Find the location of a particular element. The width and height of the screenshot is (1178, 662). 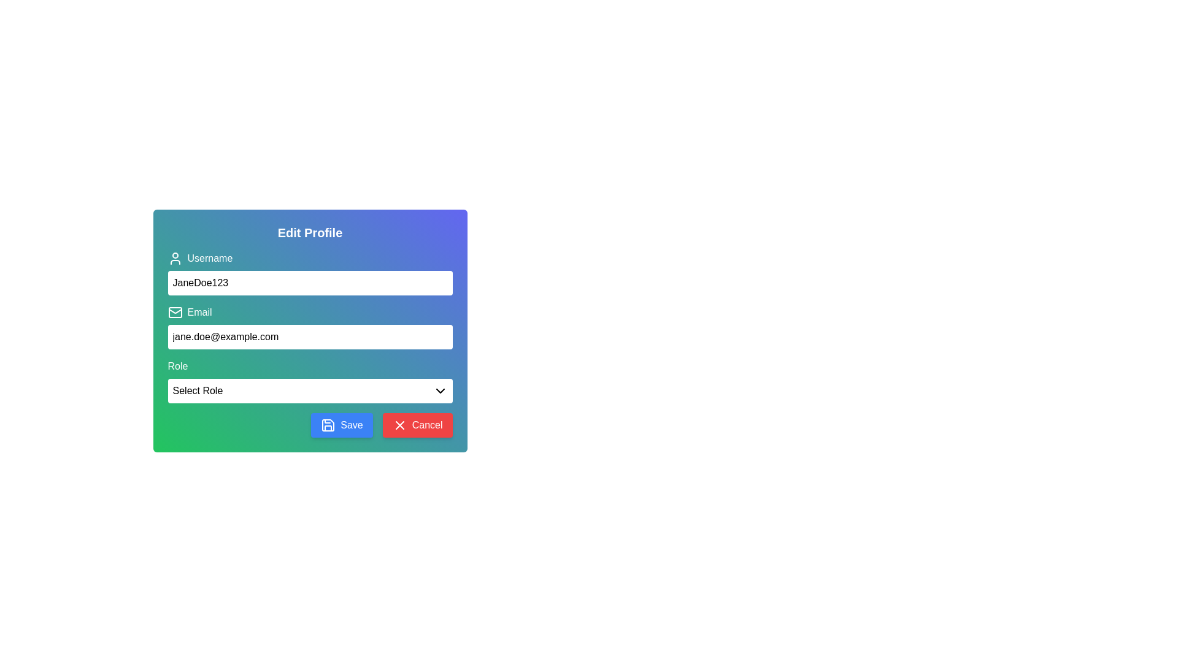

the icon that visually indicates the 'Username' field, located in the 'Edit Profile' section, adjacent to the 'Username' input field is located at coordinates (174, 257).